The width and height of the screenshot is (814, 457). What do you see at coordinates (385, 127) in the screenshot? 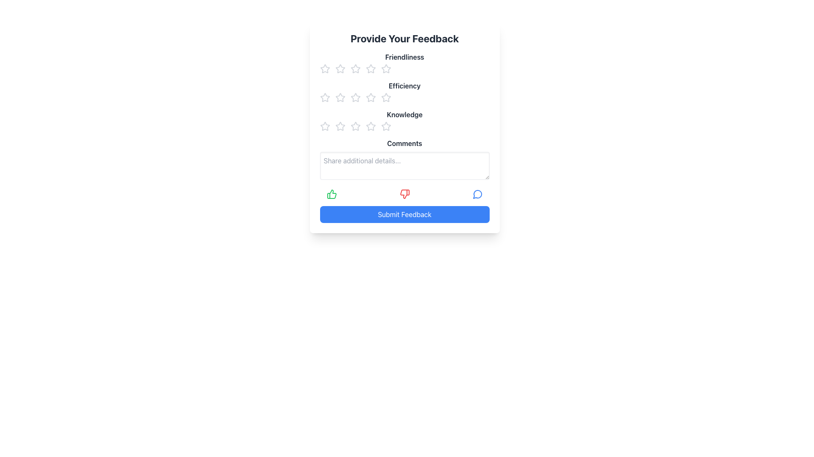
I see `Rating Star located in the third row under the 'Knowledge' label, specifically the fourth star in a horizontal group of five stars` at bounding box center [385, 127].